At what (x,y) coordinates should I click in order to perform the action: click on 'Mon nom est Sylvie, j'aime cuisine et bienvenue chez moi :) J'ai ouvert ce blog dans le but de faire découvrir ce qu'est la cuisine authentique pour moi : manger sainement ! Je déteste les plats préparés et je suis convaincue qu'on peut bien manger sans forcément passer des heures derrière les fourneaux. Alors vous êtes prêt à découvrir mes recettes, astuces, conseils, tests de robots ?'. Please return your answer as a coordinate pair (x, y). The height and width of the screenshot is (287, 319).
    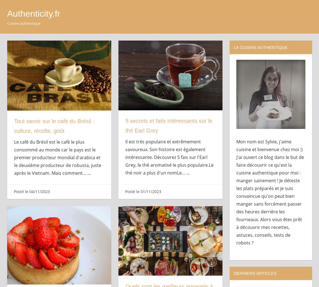
    Looking at the image, I should click on (236, 192).